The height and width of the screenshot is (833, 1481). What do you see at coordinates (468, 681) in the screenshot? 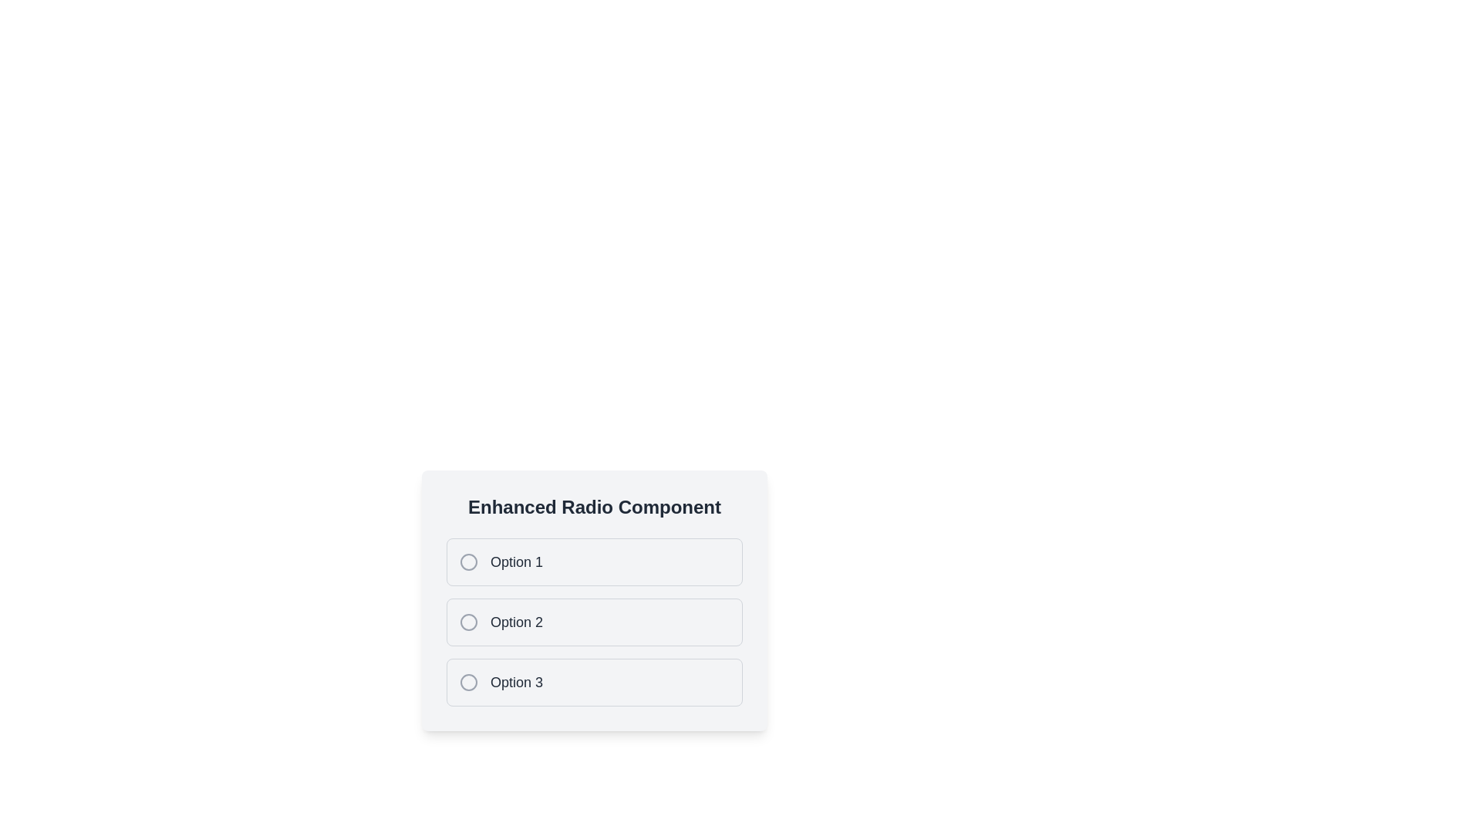
I see `the radio button selection indicator associated with 'Option 3'` at bounding box center [468, 681].